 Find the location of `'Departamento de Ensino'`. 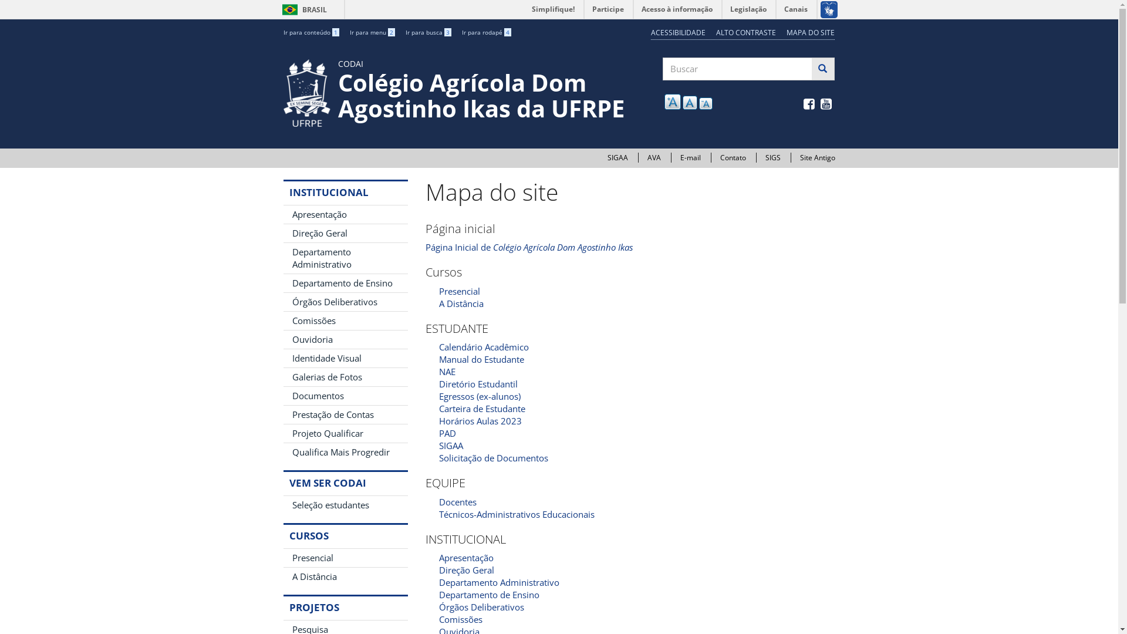

'Departamento de Ensino' is located at coordinates (345, 283).